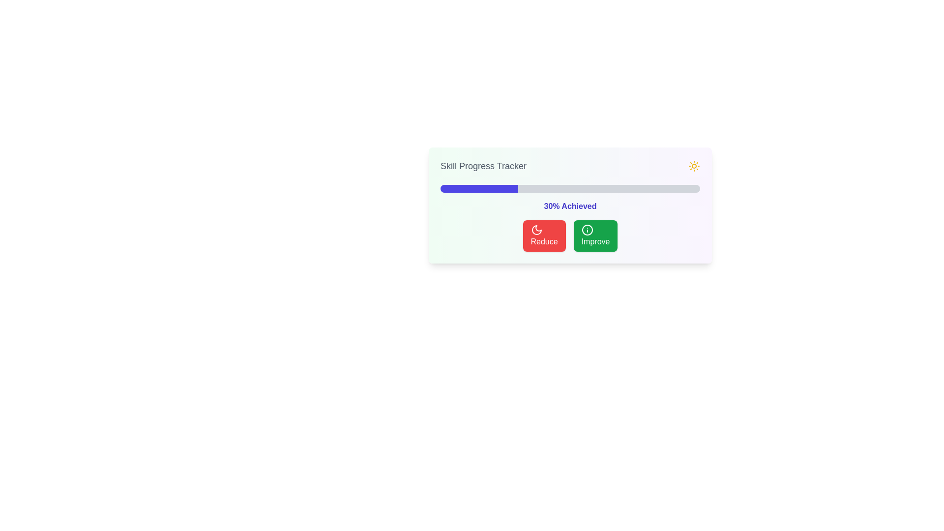 This screenshot has height=531, width=944. Describe the element at coordinates (595, 236) in the screenshot. I see `the enhancement button located to the right of the red 'Reduce' button in the lower section of the progress tracker interface` at that location.